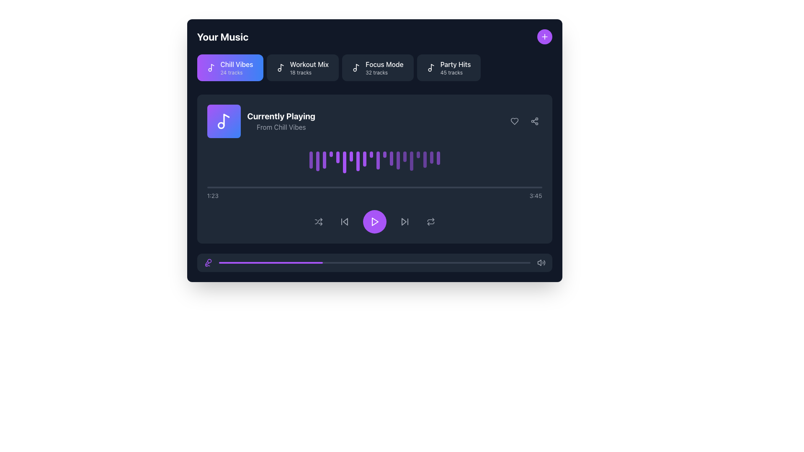  Describe the element at coordinates (514, 121) in the screenshot. I see `the heart icon button in the top-right corner of the player interface` at that location.